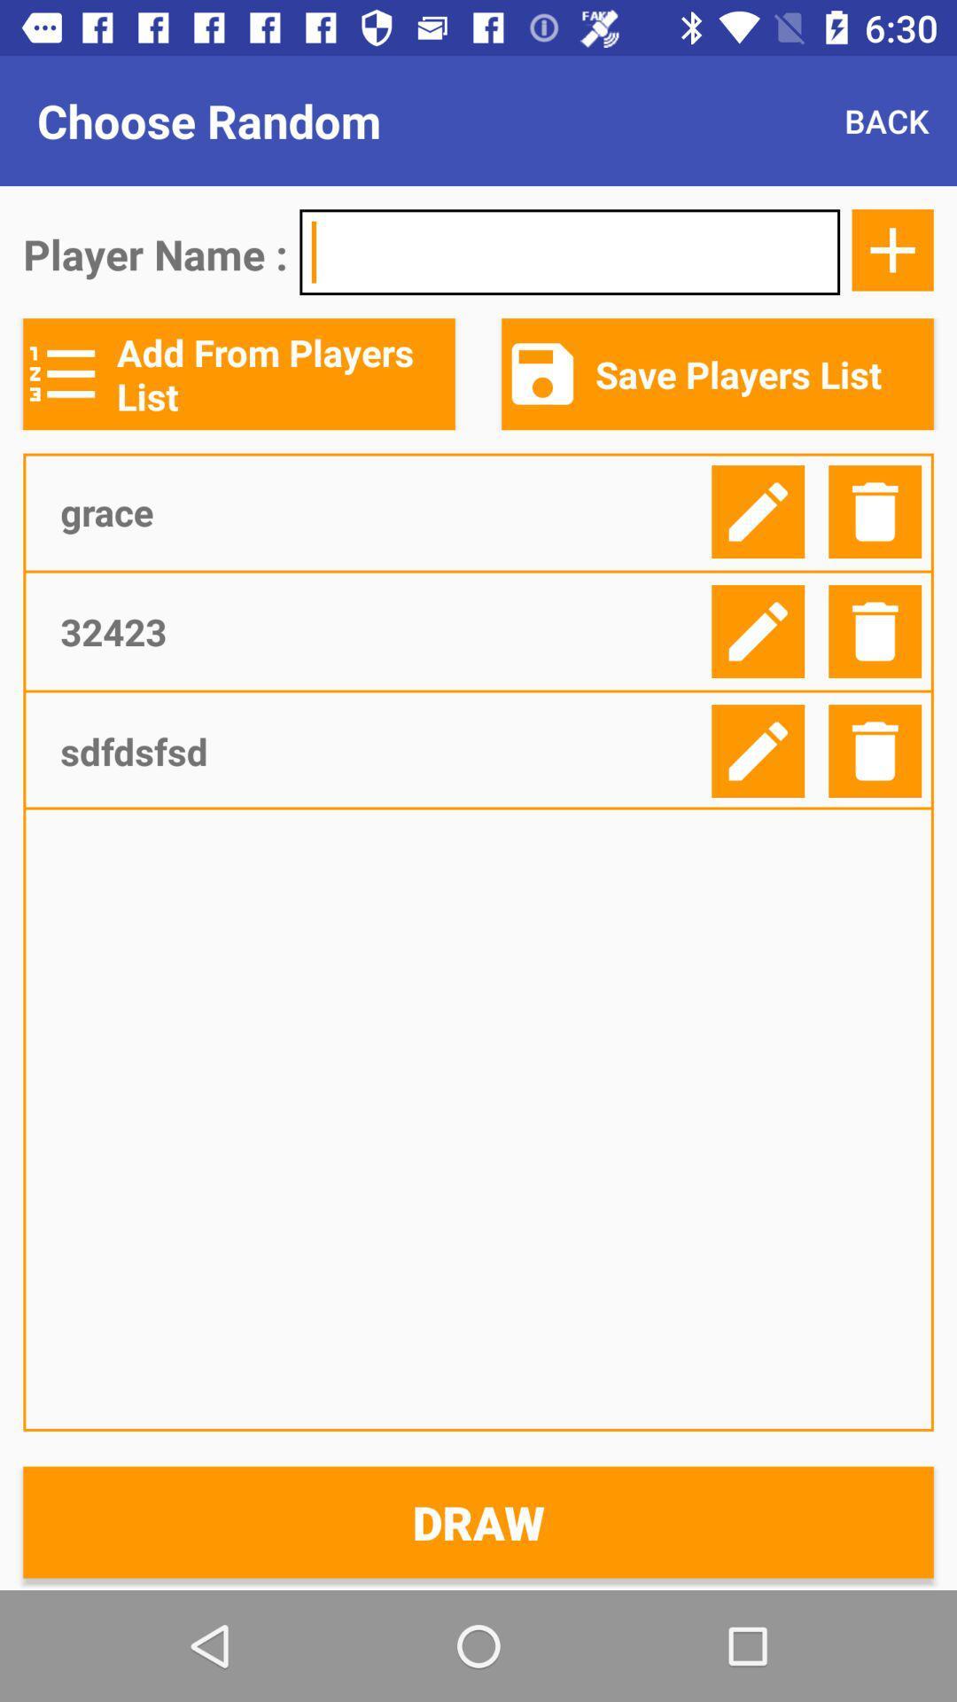  What do you see at coordinates (758, 511) in the screenshot?
I see `edit text` at bounding box center [758, 511].